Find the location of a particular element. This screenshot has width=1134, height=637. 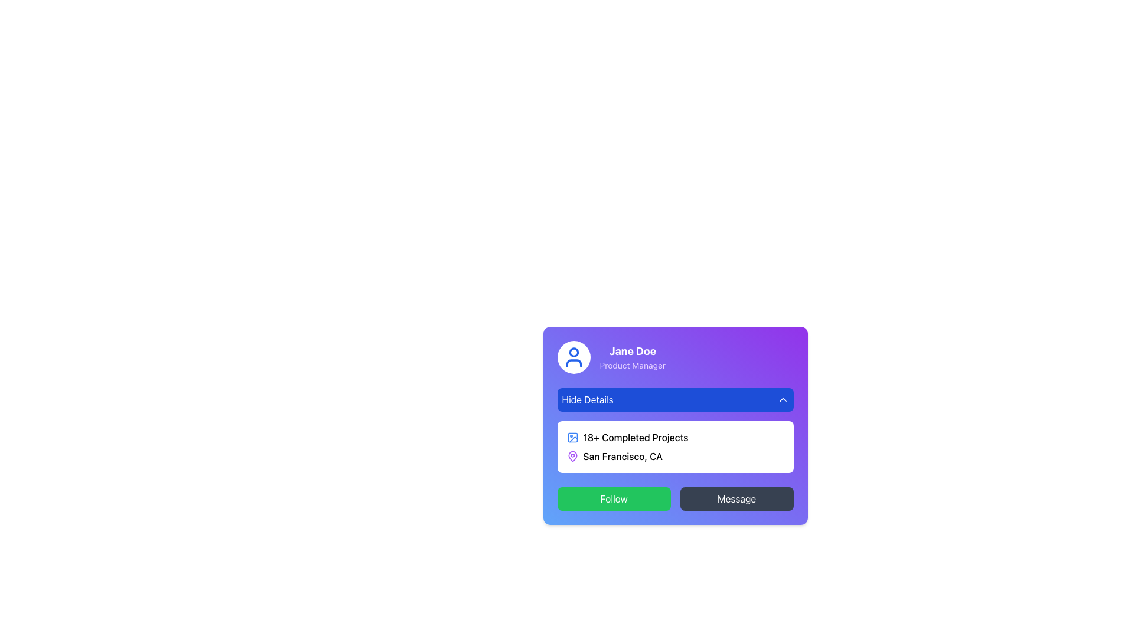

information displayed in the Text Label that shows the name and job title of an individual, located in the upper section of a card-like component, to the right of a user profile icon is located at coordinates (632, 356).